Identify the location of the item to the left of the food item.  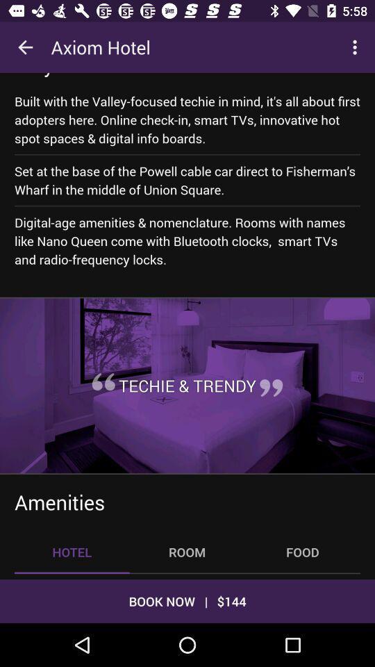
(187, 552).